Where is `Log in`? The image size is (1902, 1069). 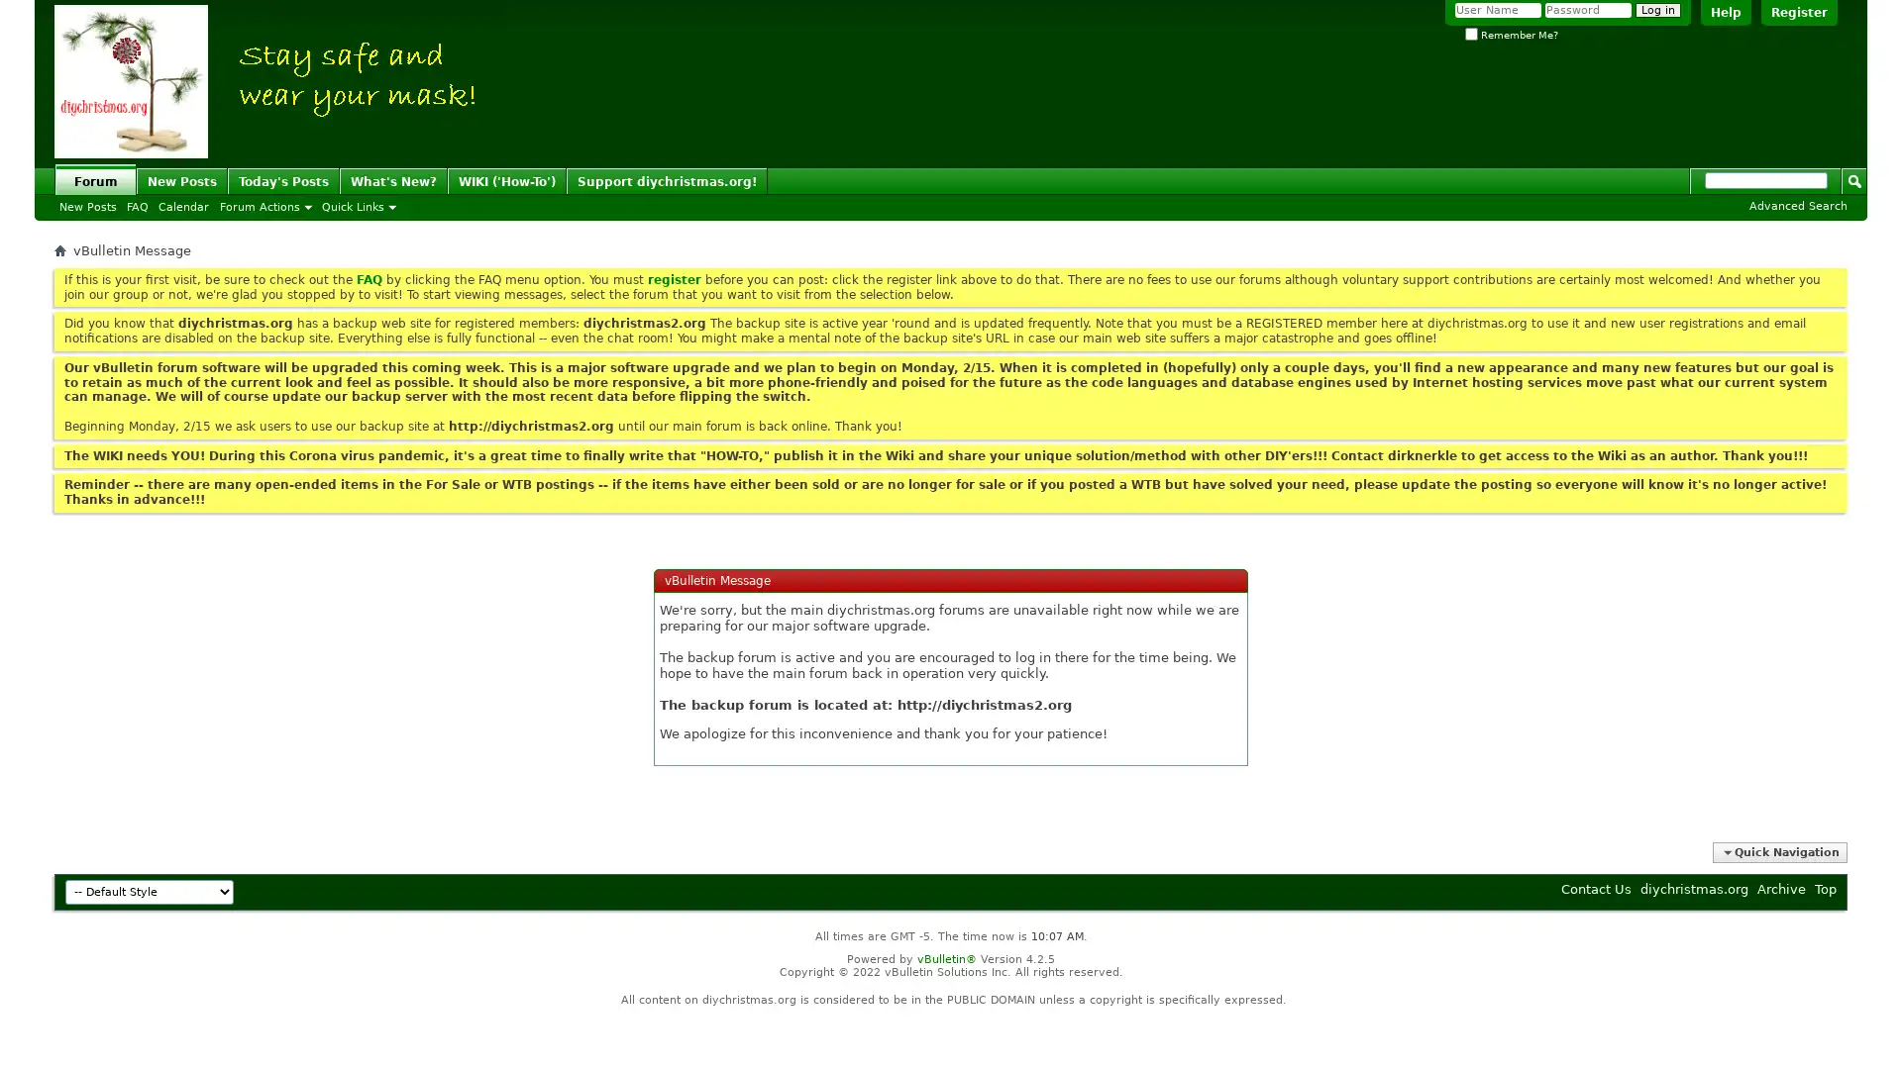
Log in is located at coordinates (1658, 10).